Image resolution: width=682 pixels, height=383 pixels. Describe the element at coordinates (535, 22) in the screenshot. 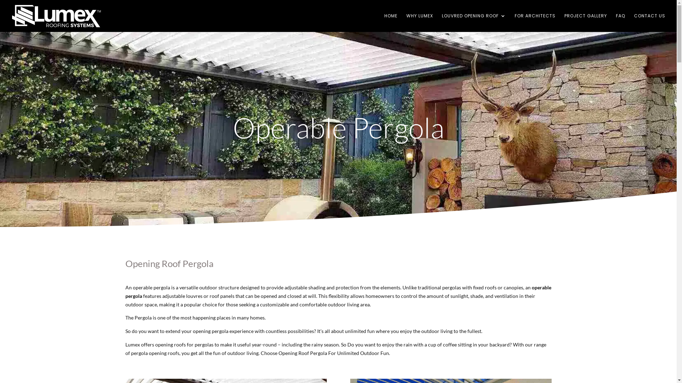

I see `'FOR ARCHITECTS'` at that location.